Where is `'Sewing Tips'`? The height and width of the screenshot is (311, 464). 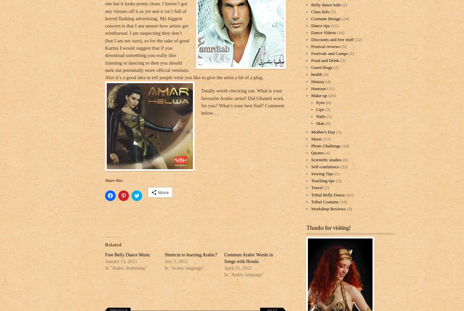
'Sewing Tips' is located at coordinates (322, 174).